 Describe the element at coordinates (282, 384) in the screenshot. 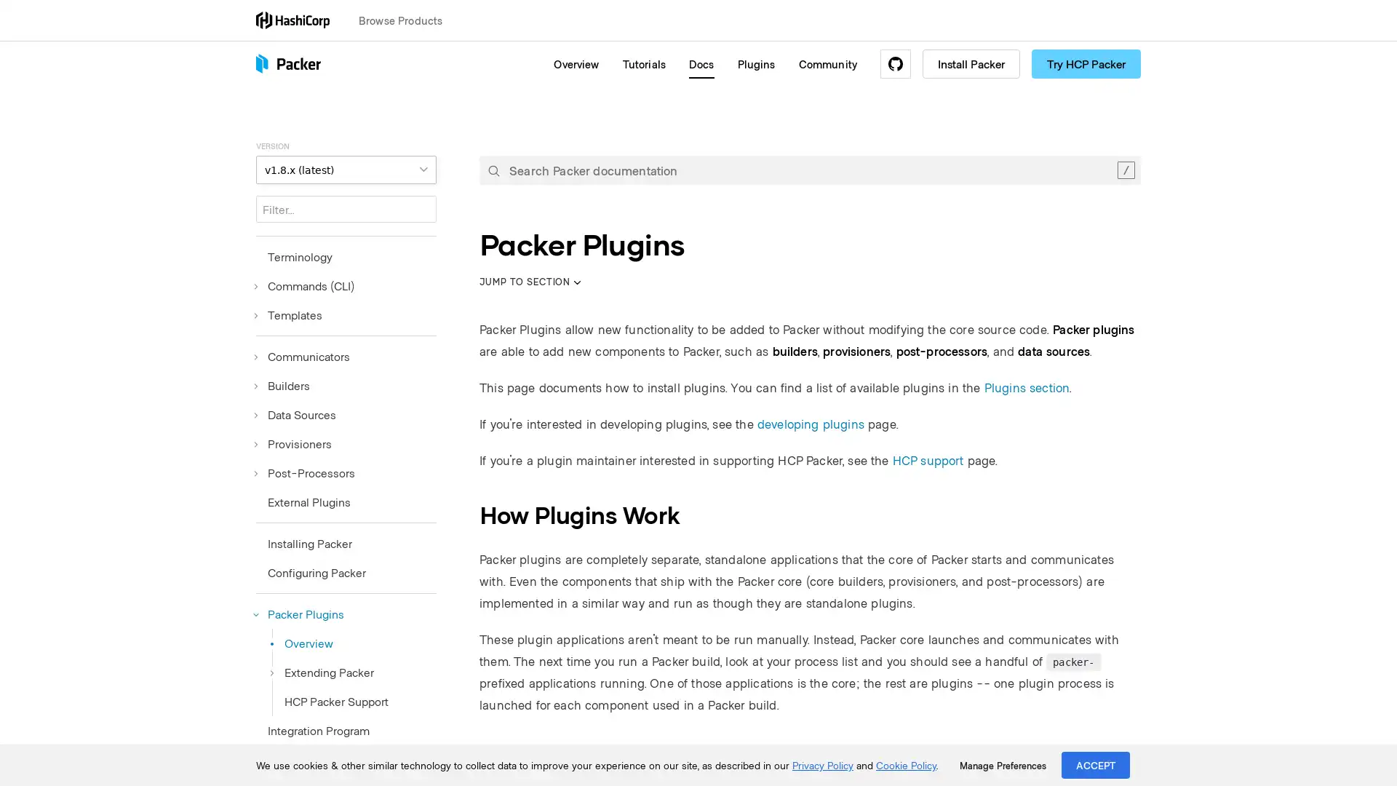

I see `Builders` at that location.